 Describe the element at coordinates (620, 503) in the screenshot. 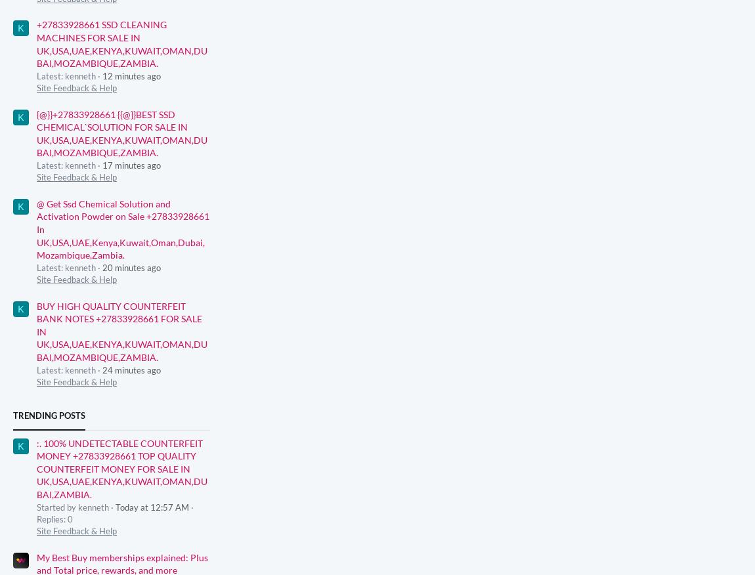

I see `'Windows Central'` at that location.